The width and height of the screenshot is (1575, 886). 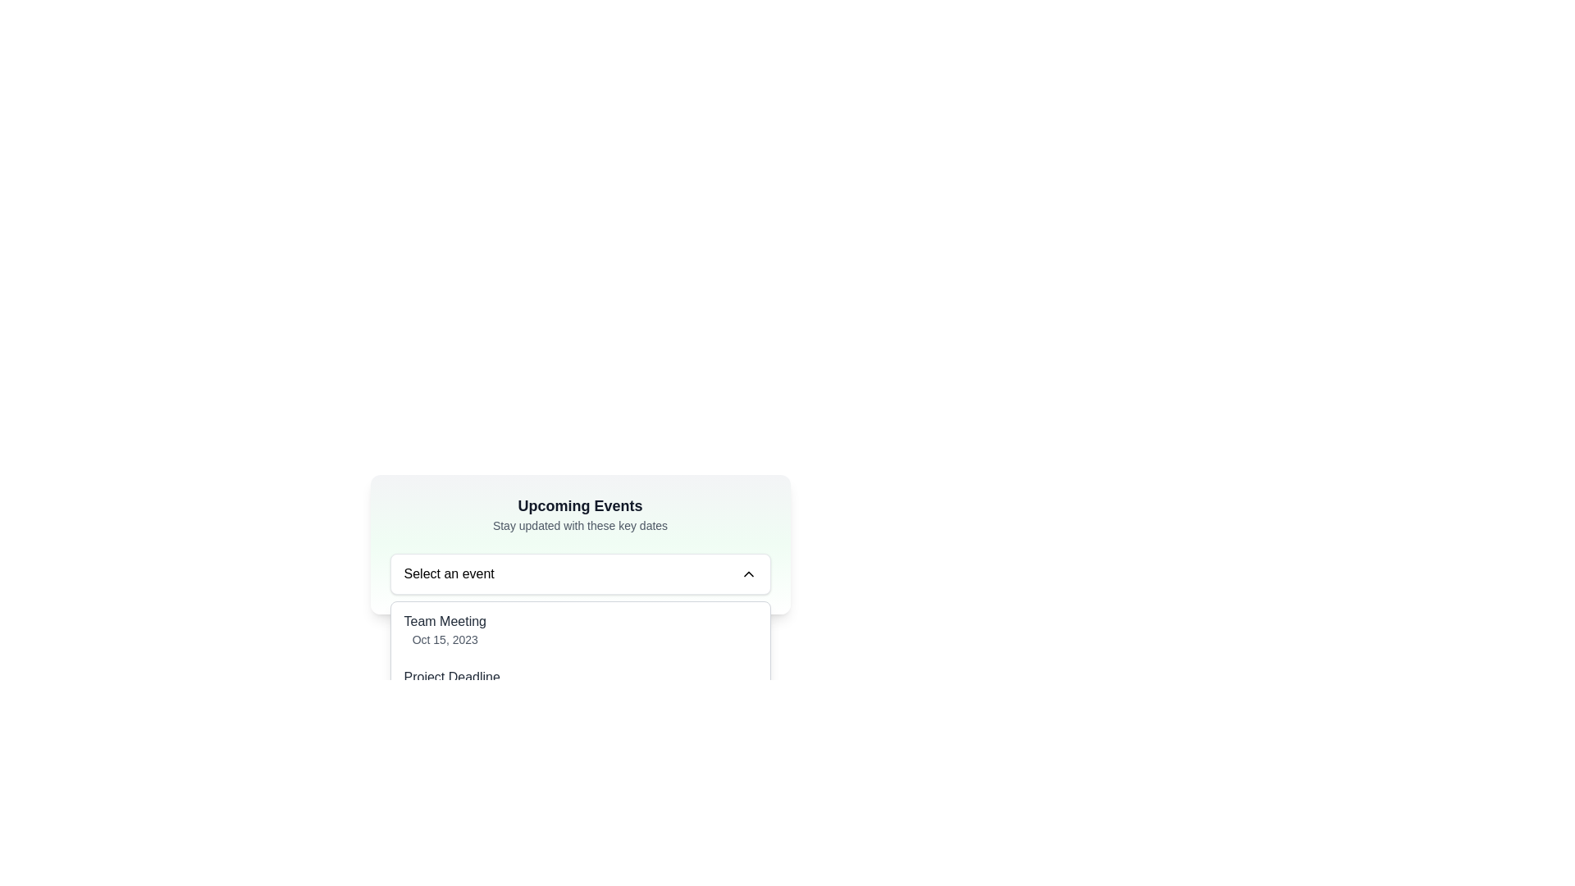 What do you see at coordinates (580, 686) in the screenshot?
I see `the 'Project Deadline' item in the dropdown menu` at bounding box center [580, 686].